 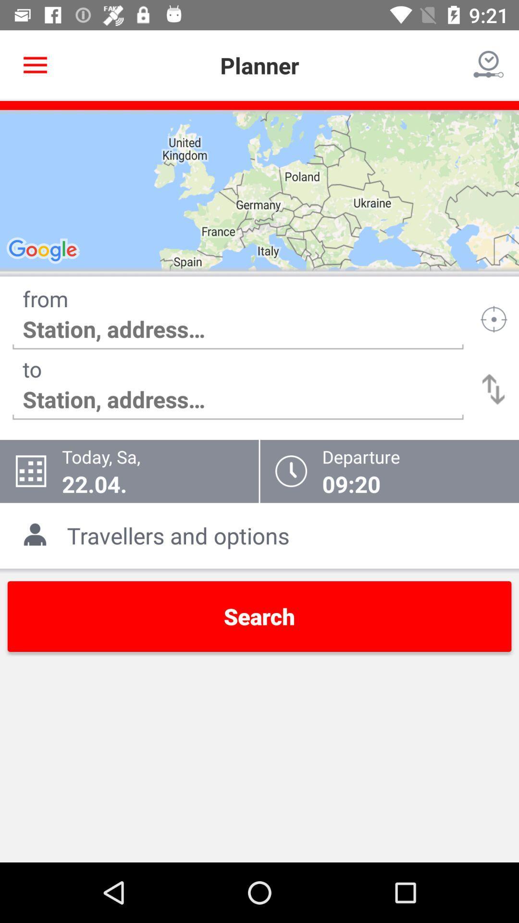 What do you see at coordinates (35, 65) in the screenshot?
I see `icon to the left of planner icon` at bounding box center [35, 65].